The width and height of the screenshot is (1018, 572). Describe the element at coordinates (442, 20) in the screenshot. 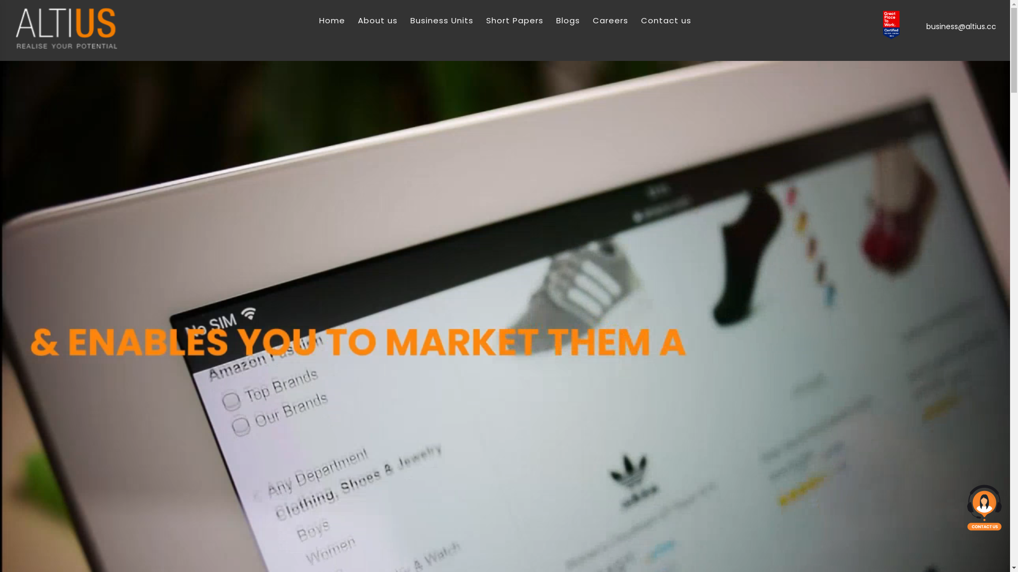

I see `'Business Units'` at that location.